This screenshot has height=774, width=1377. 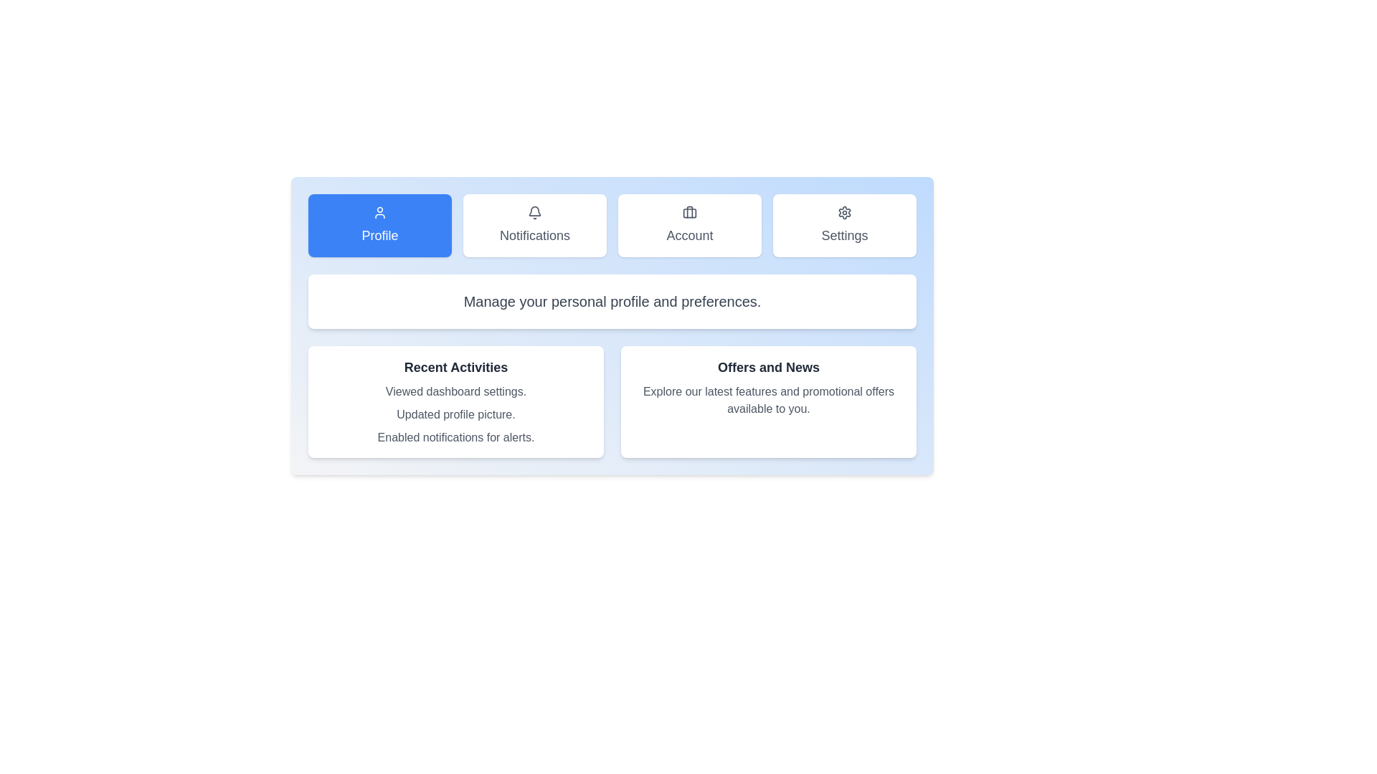 I want to click on the briefcase icon in the 'Account' section of the top navigation bar, which is the third button from the left, so click(x=689, y=213).